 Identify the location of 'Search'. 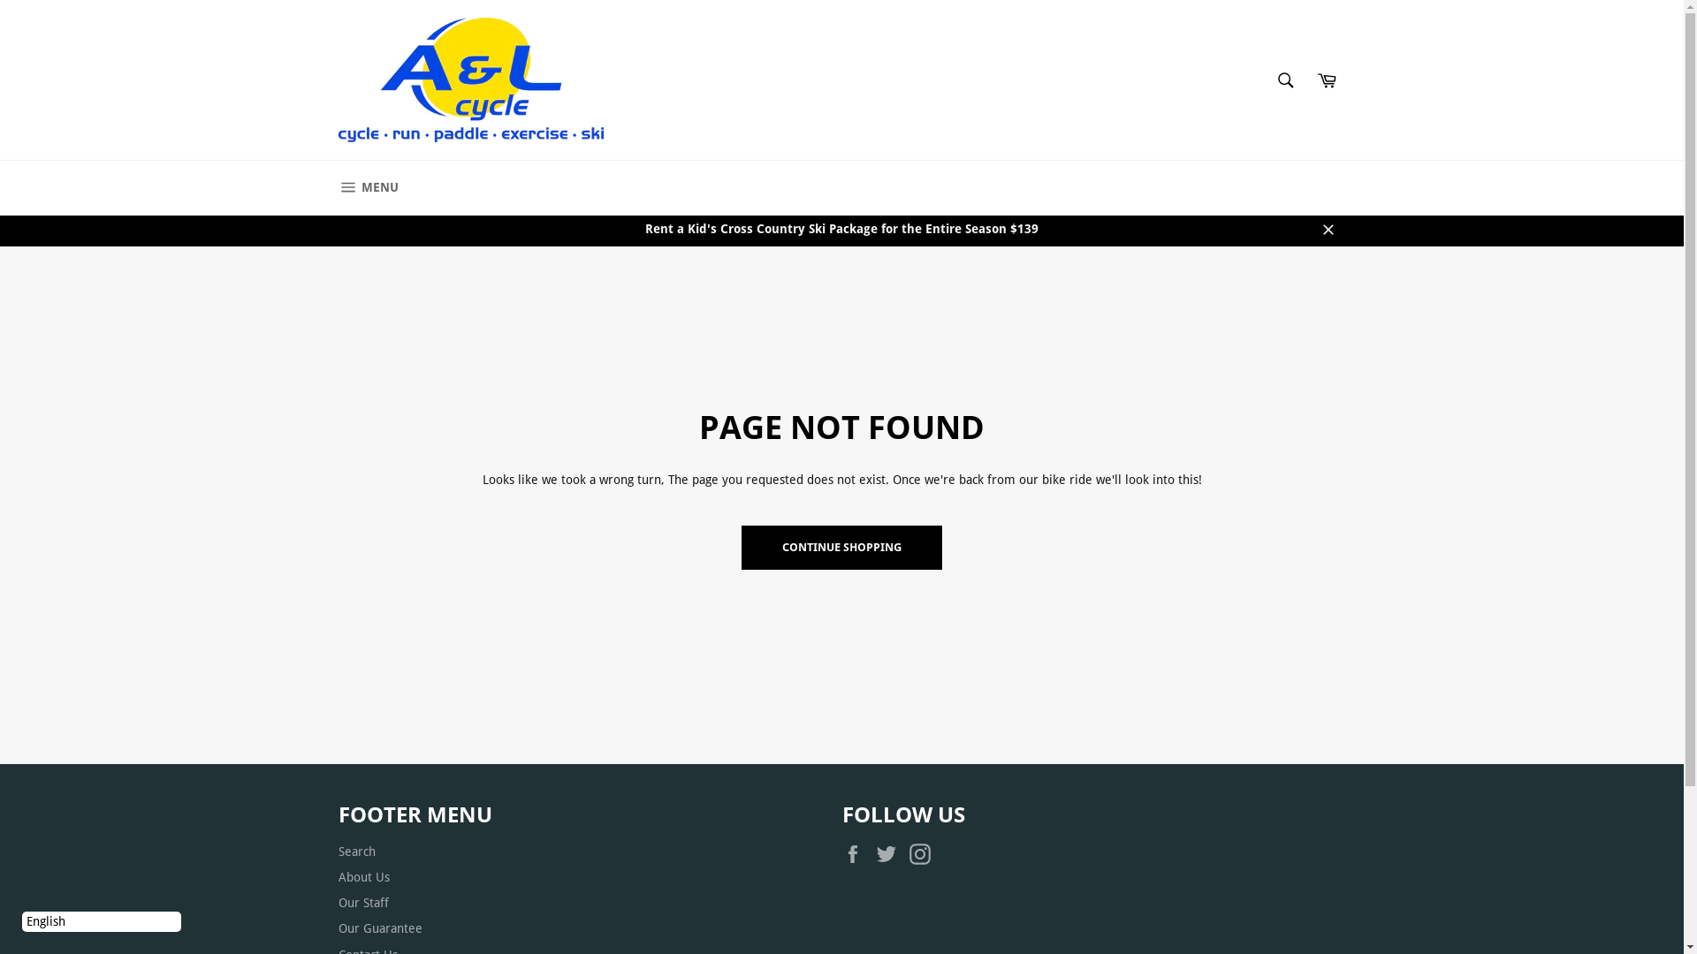
(355, 851).